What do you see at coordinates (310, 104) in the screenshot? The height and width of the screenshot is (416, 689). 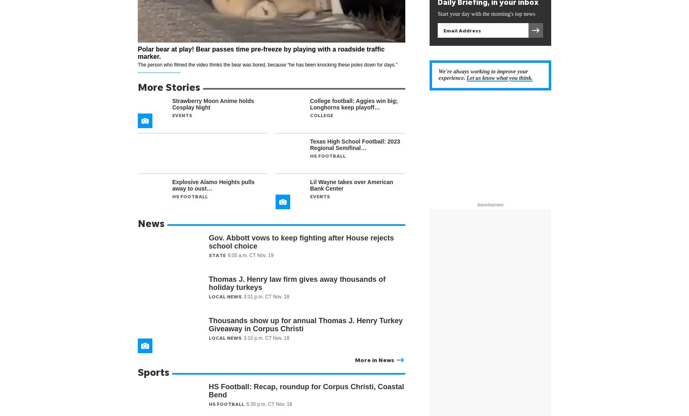 I see `'College football: Aggies win big; Longhorns keep playoff…'` at bounding box center [310, 104].